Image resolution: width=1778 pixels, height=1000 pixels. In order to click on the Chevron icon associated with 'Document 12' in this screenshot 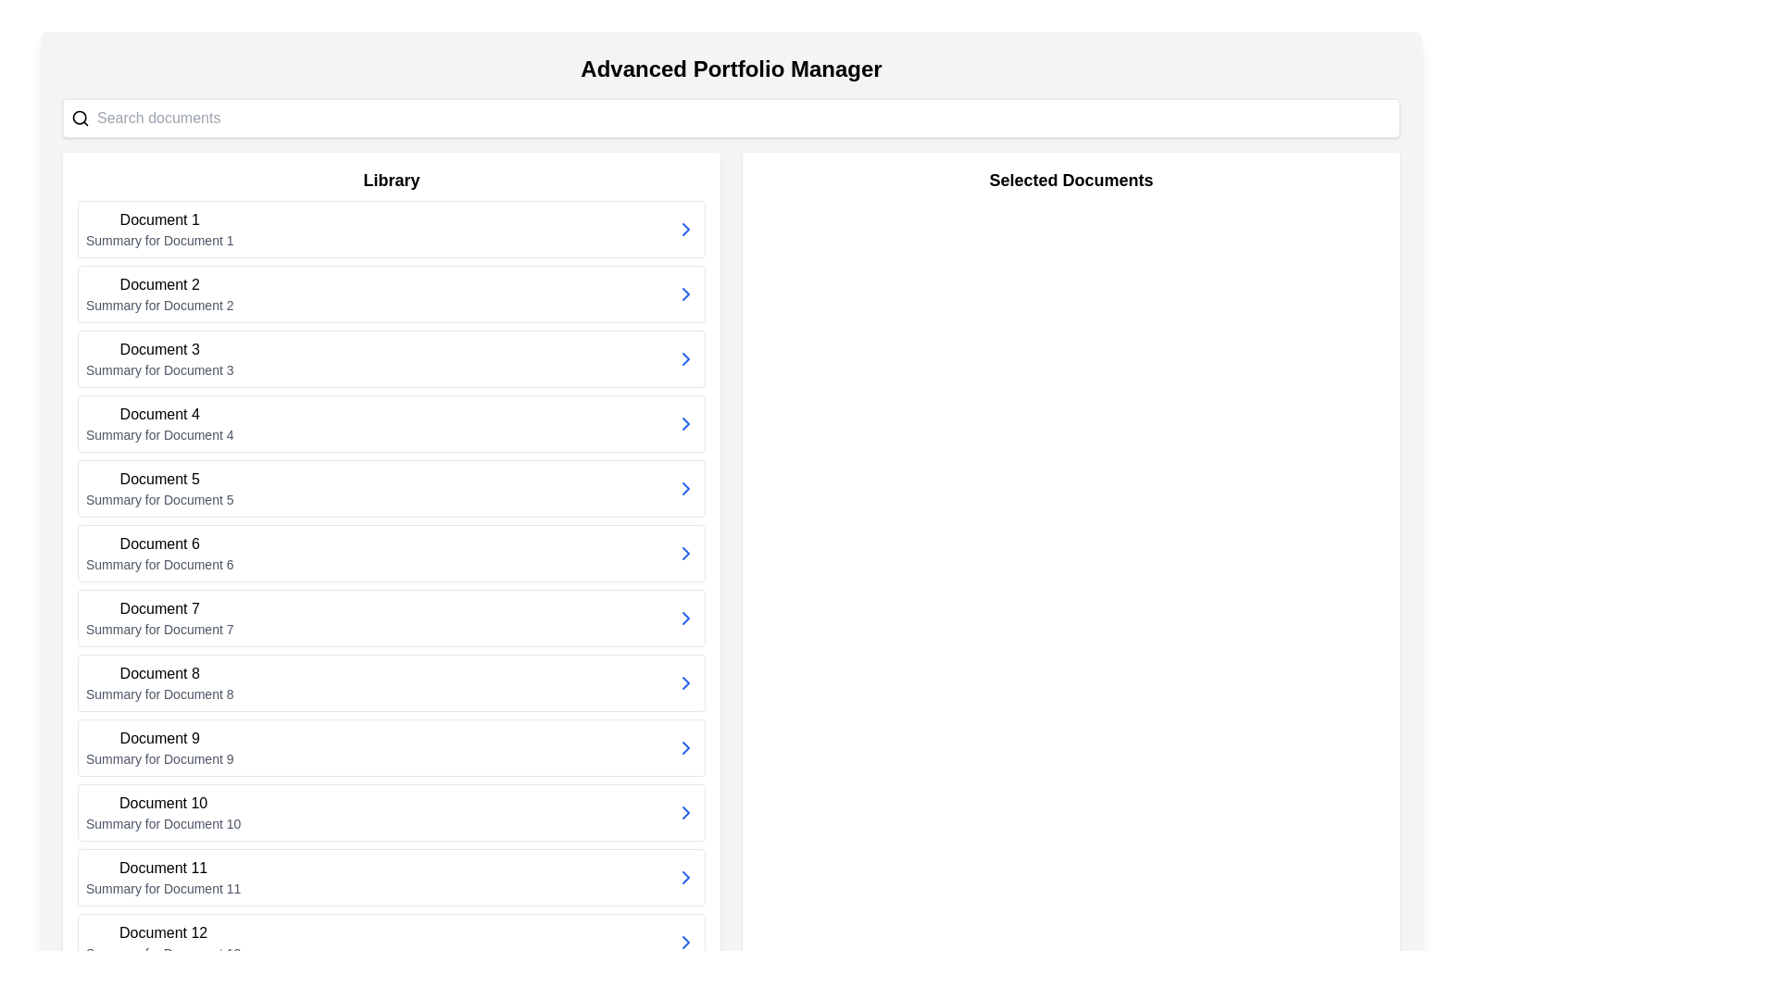, I will do `click(684, 746)`.